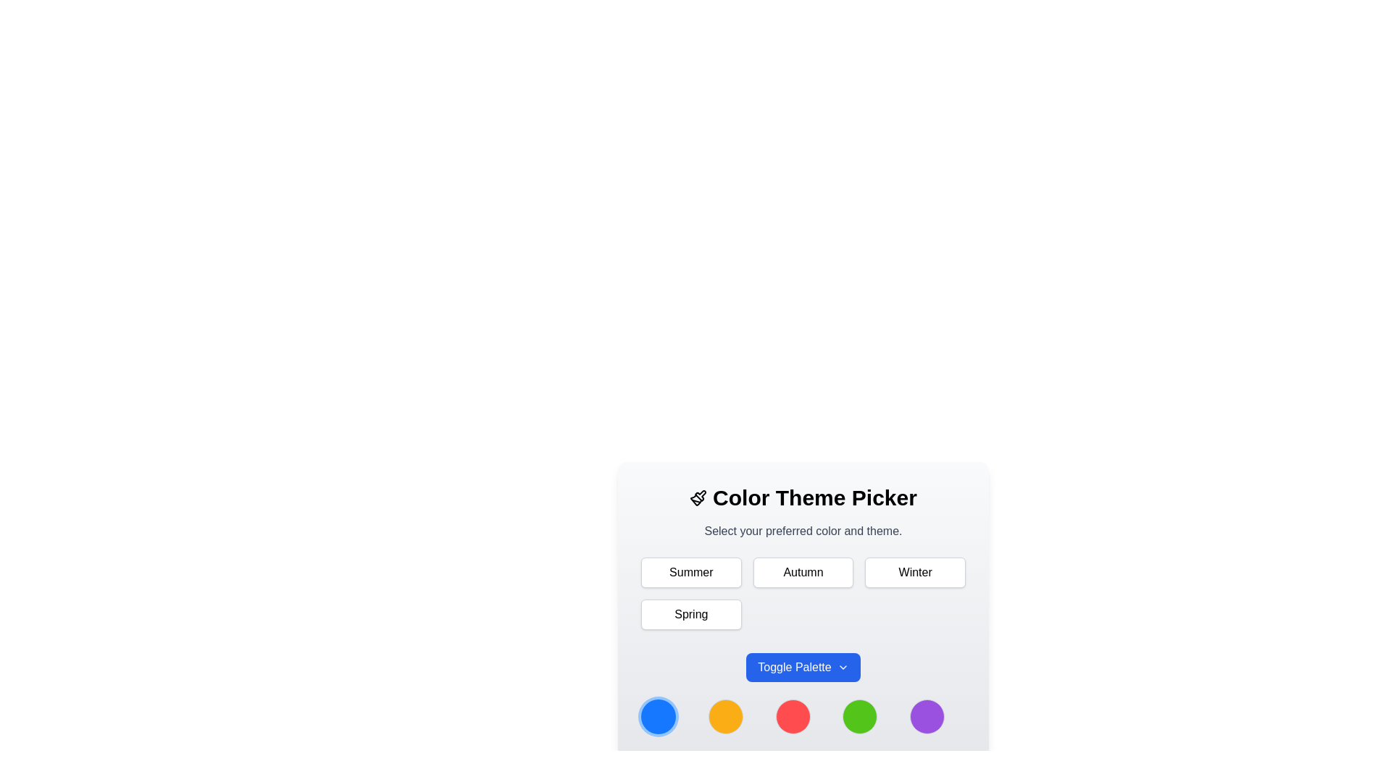  What do you see at coordinates (690, 614) in the screenshot?
I see `the 'Spring' button located in the bottom-left corner of a 2x2 grid layout` at bounding box center [690, 614].